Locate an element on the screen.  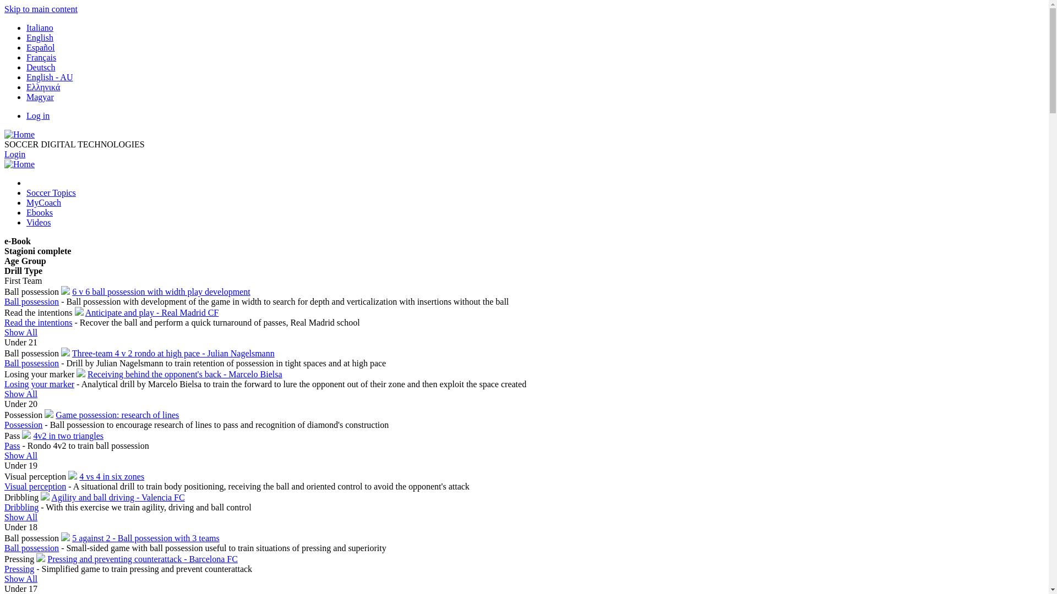
'Pressing and preventing counterattack - Barcelona FC' is located at coordinates (142, 559).